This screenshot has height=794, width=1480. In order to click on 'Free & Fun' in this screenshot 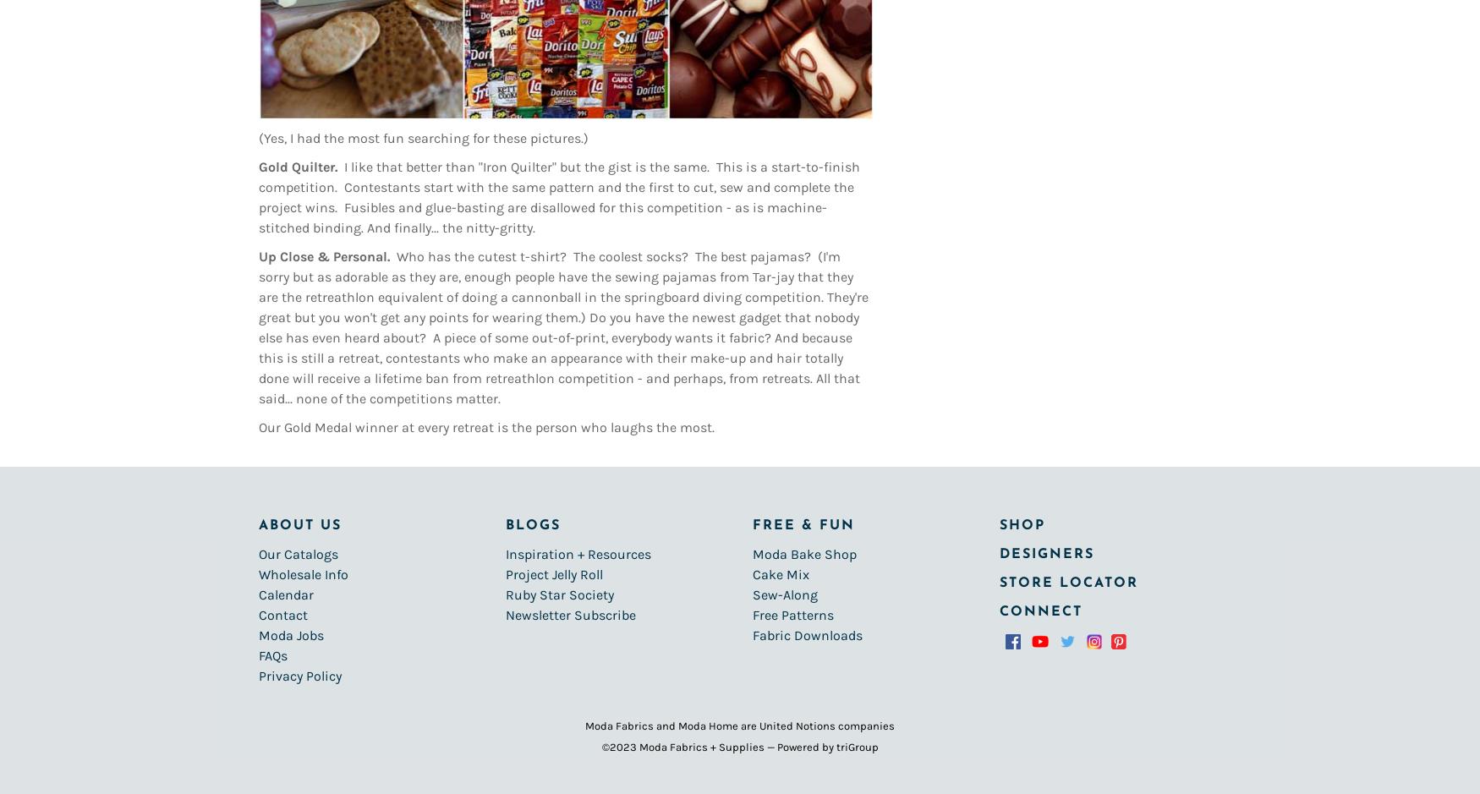, I will do `click(752, 524)`.